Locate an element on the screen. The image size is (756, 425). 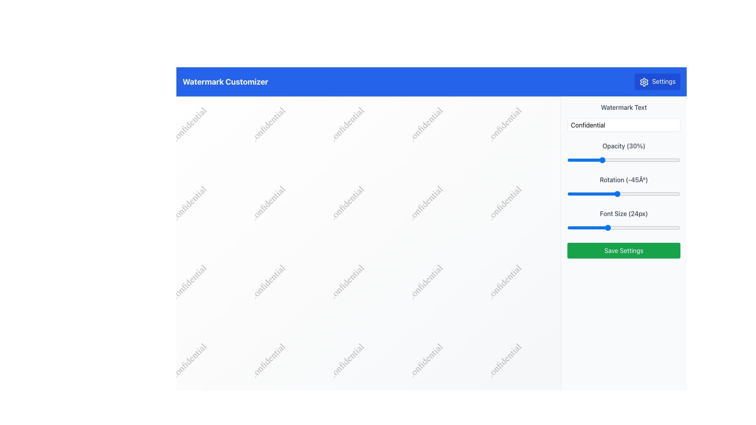
the blue handle of the horizontal slider labeled 'Opacity (30%)' located in the right-side panel is located at coordinates (623, 159).